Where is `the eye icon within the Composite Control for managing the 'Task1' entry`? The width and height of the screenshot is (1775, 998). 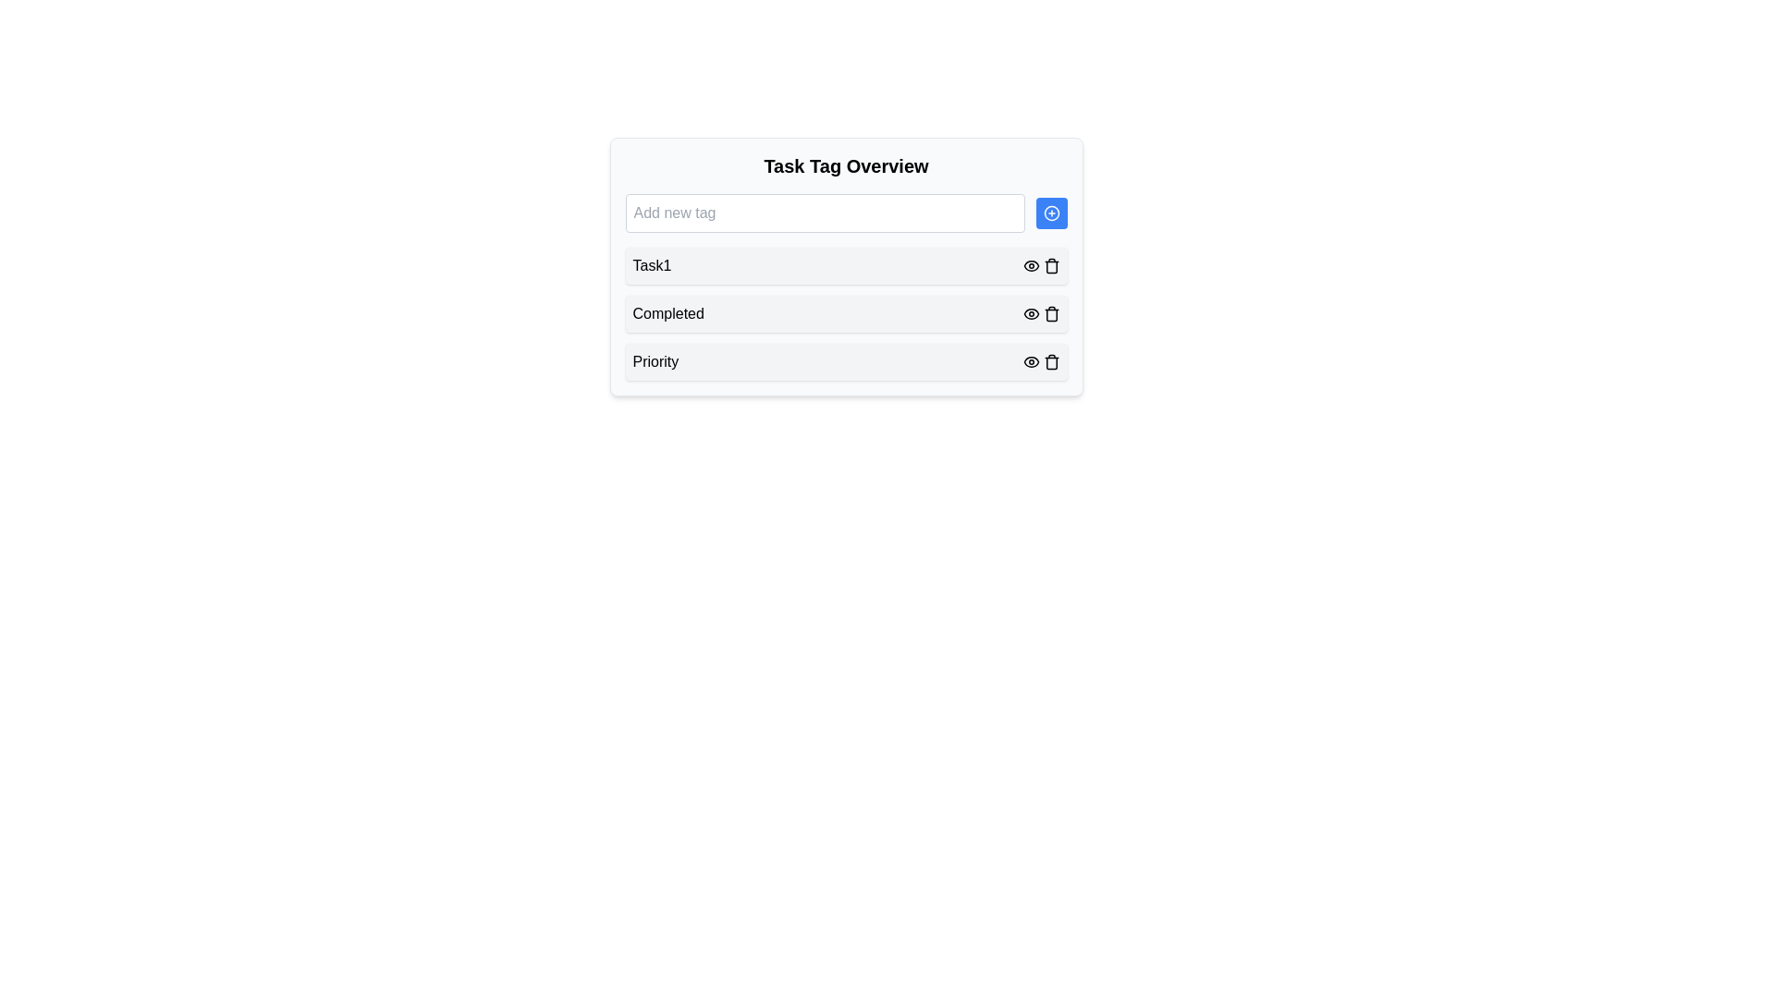 the eye icon within the Composite Control for managing the 'Task1' entry is located at coordinates (1041, 266).